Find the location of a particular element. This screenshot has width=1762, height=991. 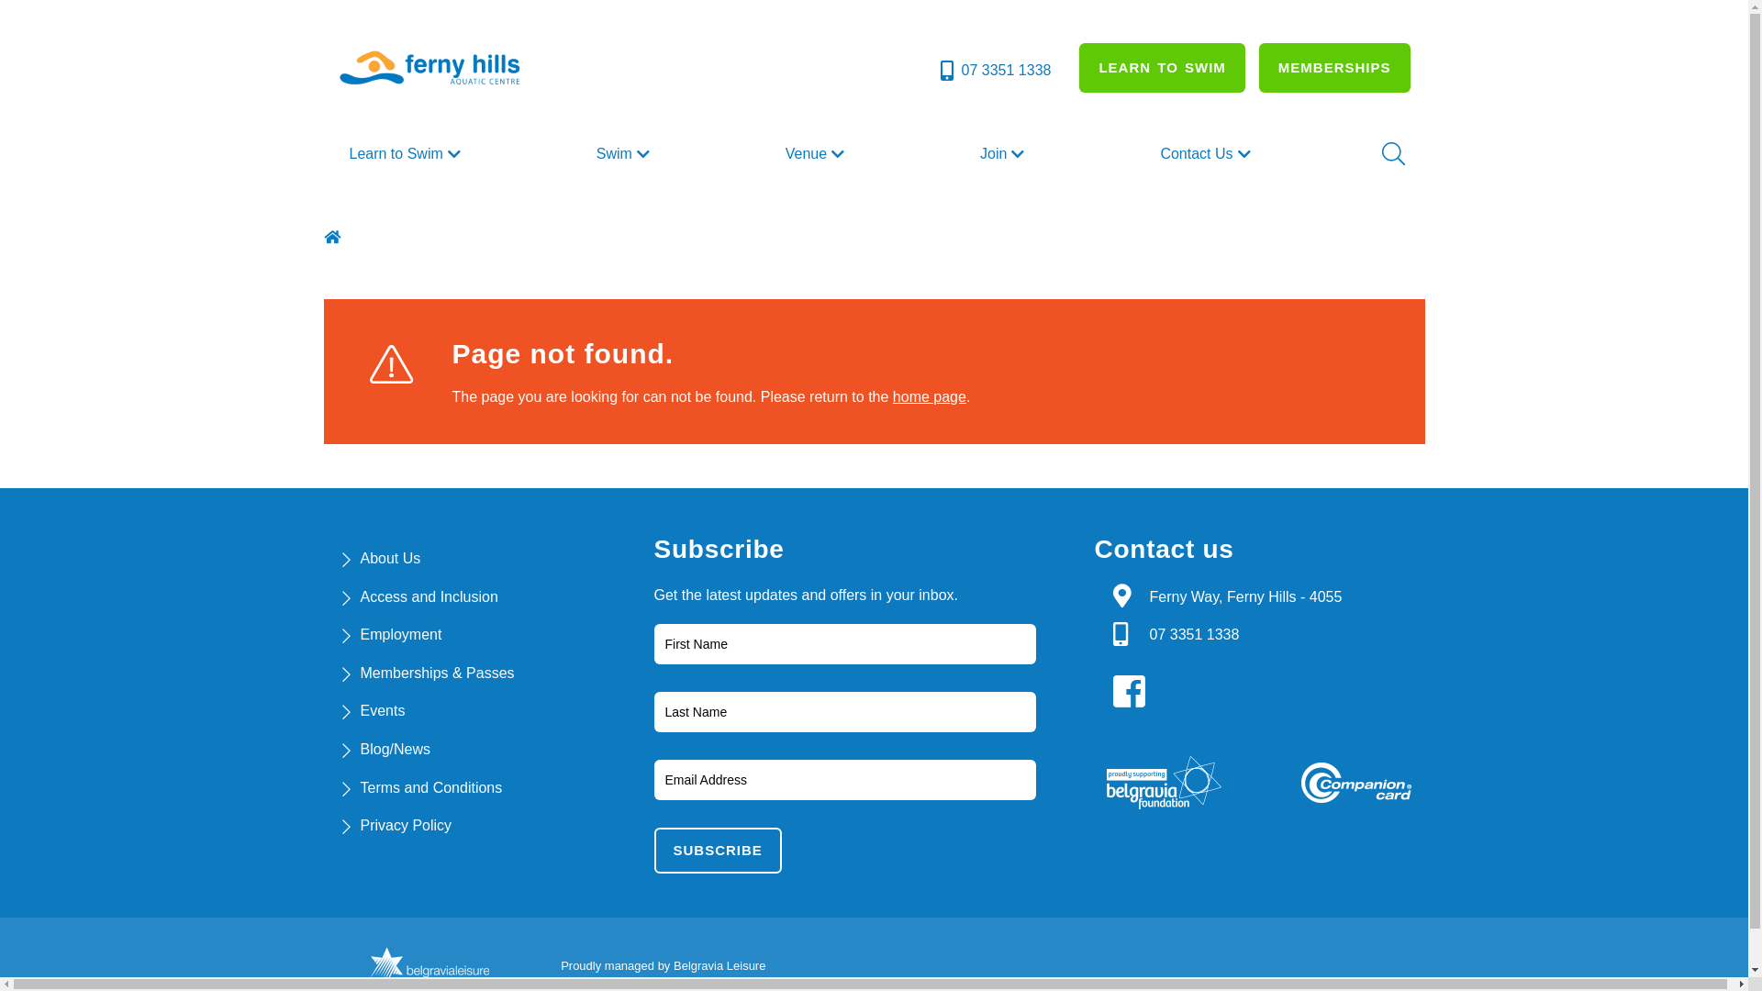

'Learn to Swim' is located at coordinates (405, 153).